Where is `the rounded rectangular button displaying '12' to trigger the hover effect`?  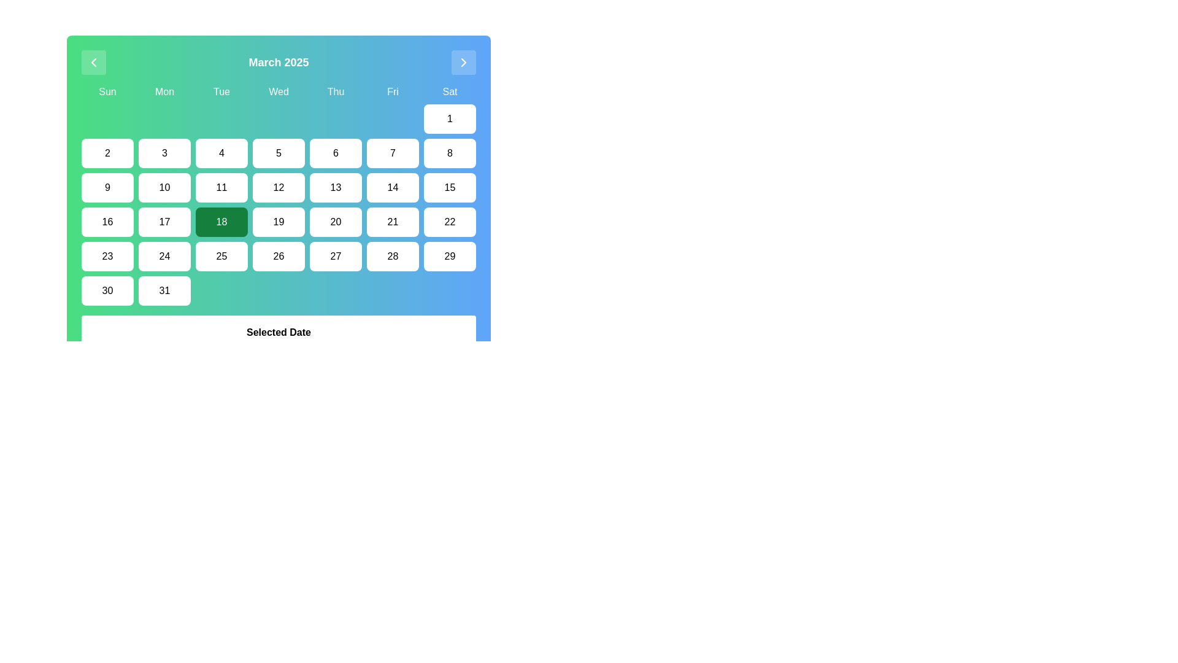
the rounded rectangular button displaying '12' to trigger the hover effect is located at coordinates (278, 187).